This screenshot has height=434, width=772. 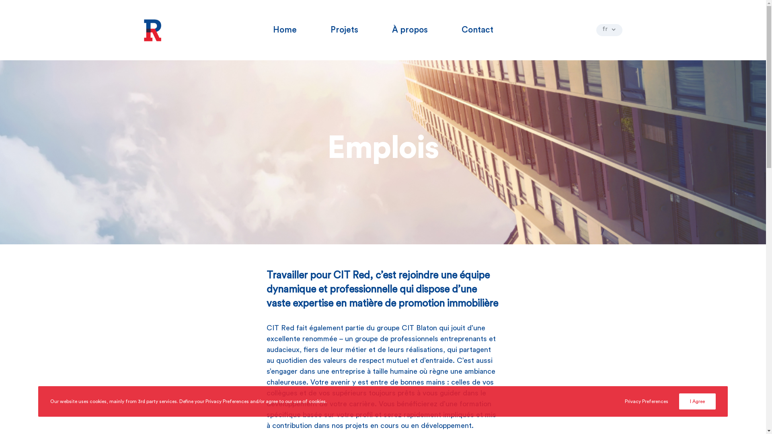 What do you see at coordinates (344, 29) in the screenshot?
I see `'Projets'` at bounding box center [344, 29].